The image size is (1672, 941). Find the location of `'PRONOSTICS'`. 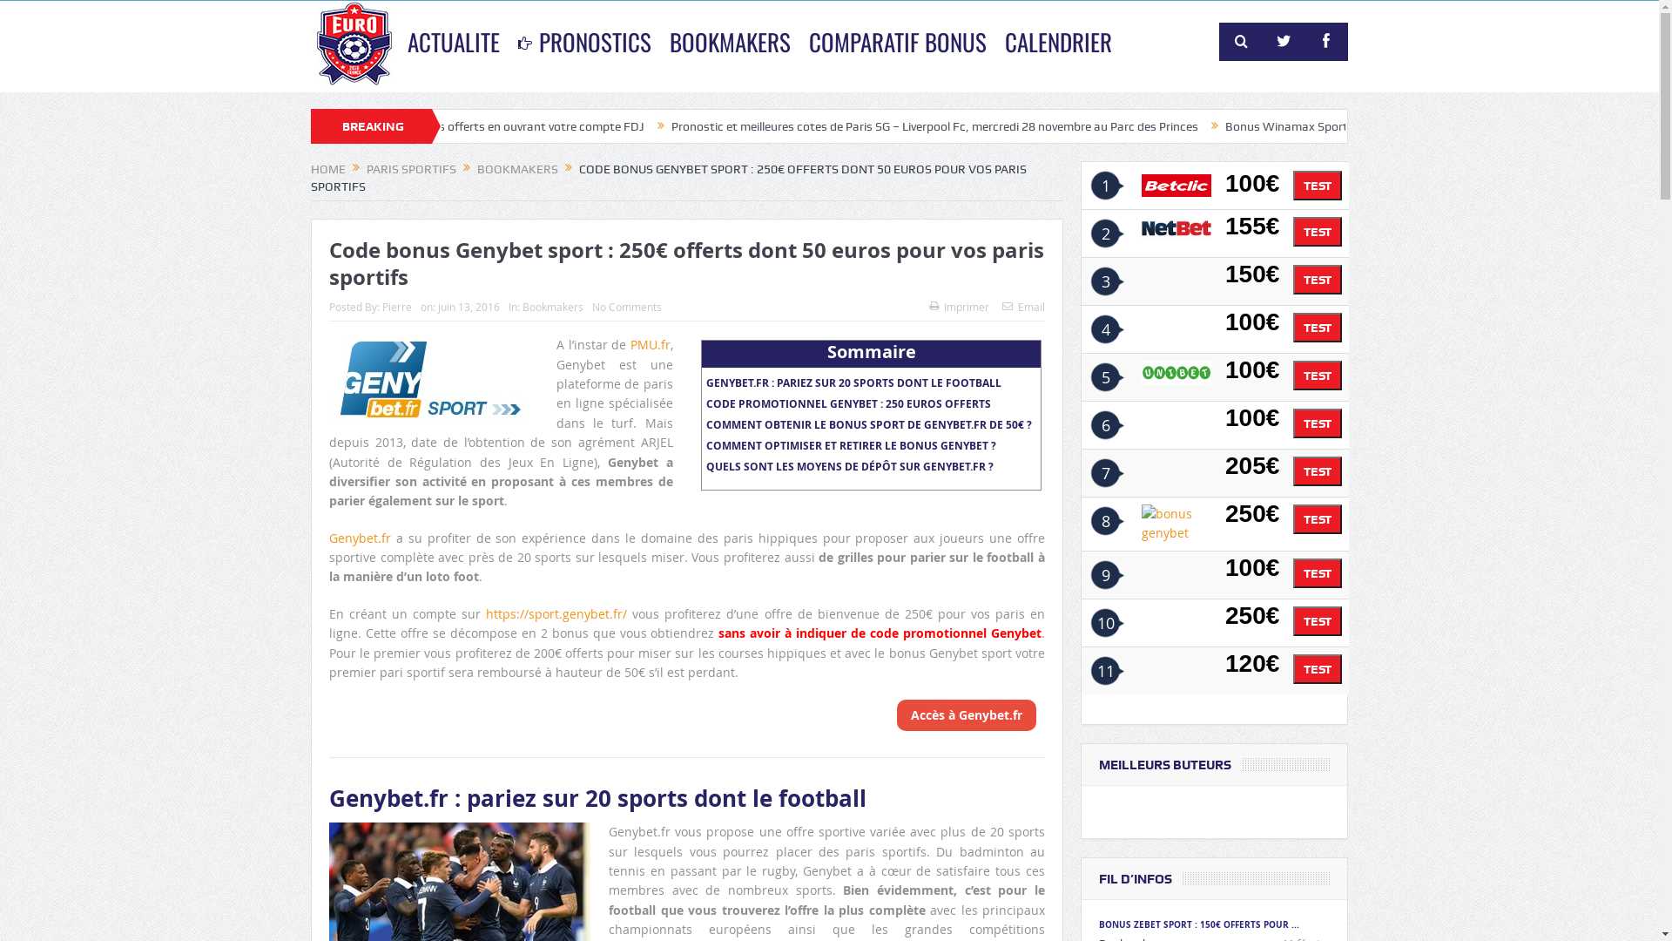

'PRONOSTICS' is located at coordinates (509, 40).